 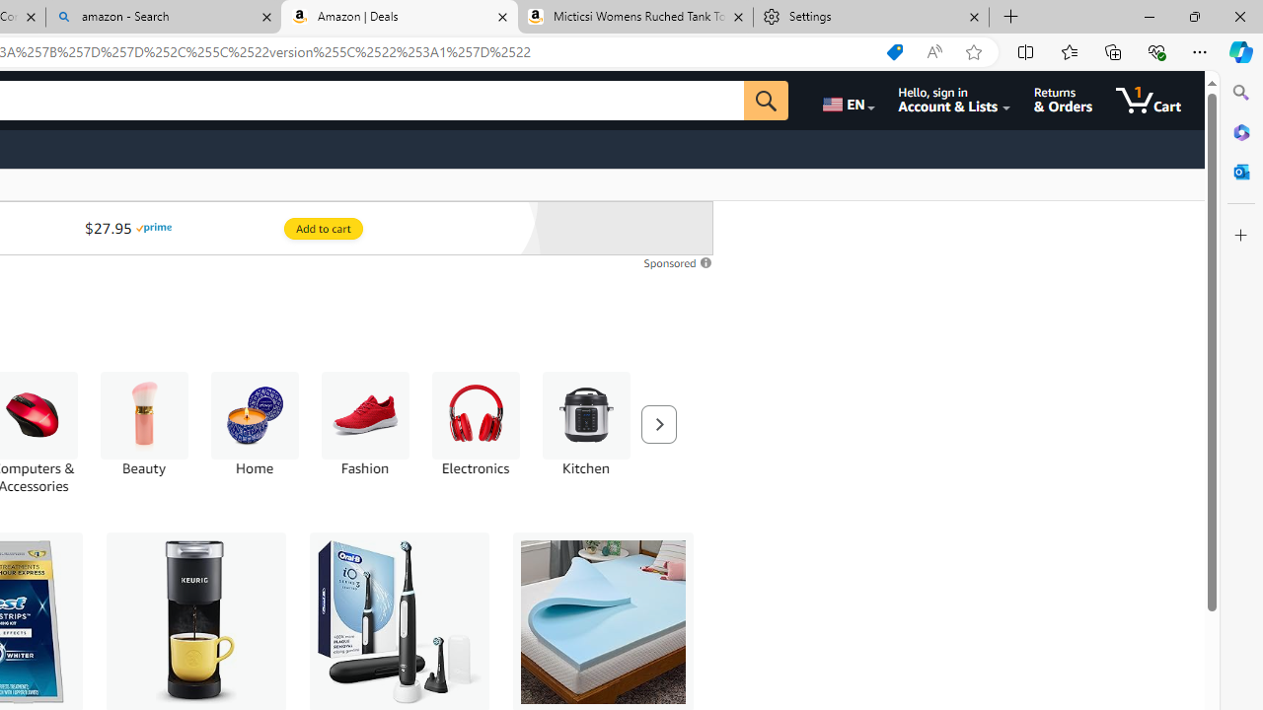 What do you see at coordinates (658, 422) in the screenshot?
I see `'Next'` at bounding box center [658, 422].